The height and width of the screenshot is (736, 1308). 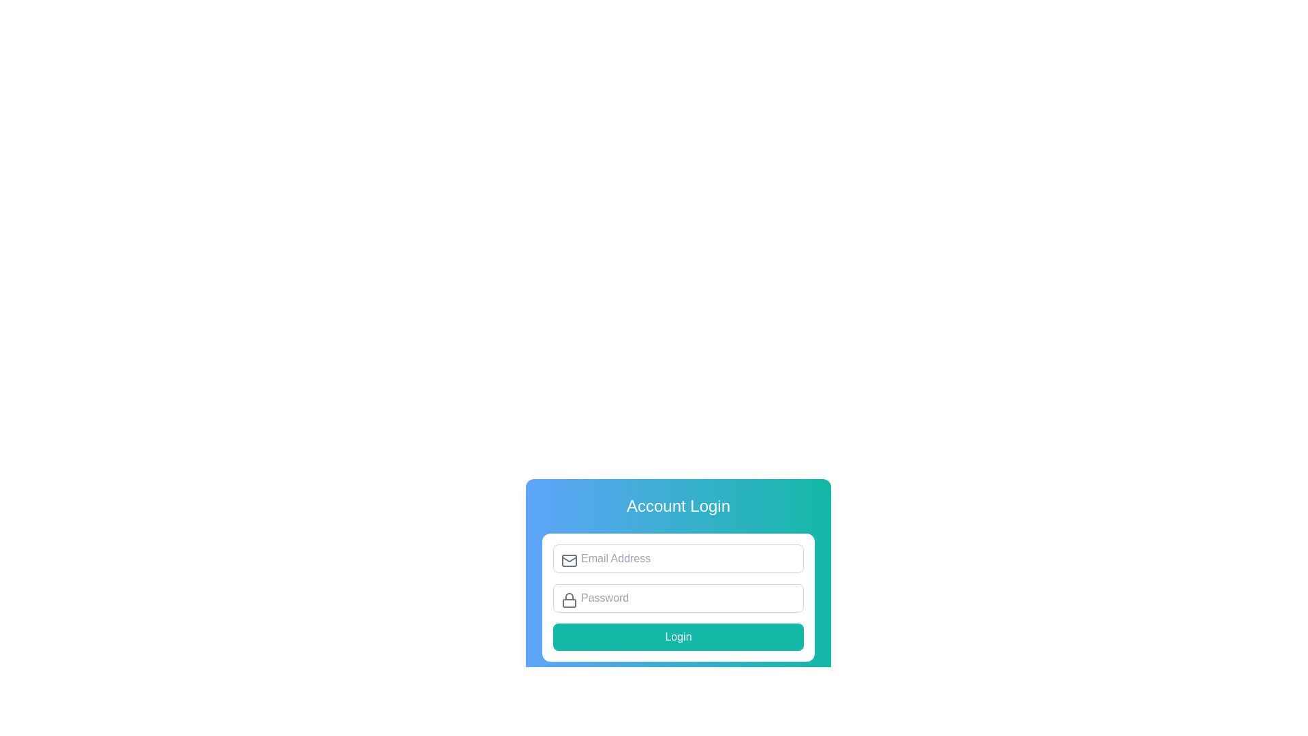 What do you see at coordinates (569, 599) in the screenshot?
I see `the small gray lock icon located to the left of the 'Password' input field in the login form` at bounding box center [569, 599].